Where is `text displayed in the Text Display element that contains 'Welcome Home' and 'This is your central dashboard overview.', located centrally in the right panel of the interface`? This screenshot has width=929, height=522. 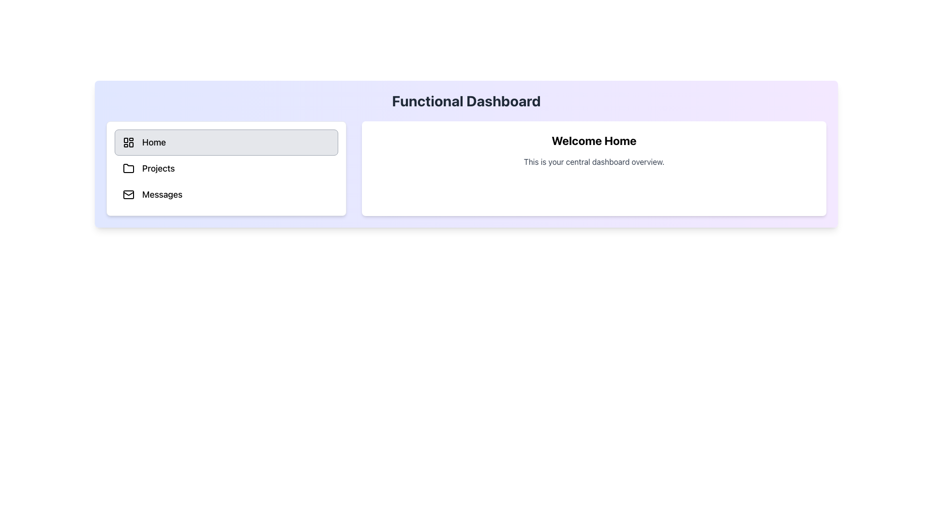
text displayed in the Text Display element that contains 'Welcome Home' and 'This is your central dashboard overview.', located centrally in the right panel of the interface is located at coordinates (594, 150).